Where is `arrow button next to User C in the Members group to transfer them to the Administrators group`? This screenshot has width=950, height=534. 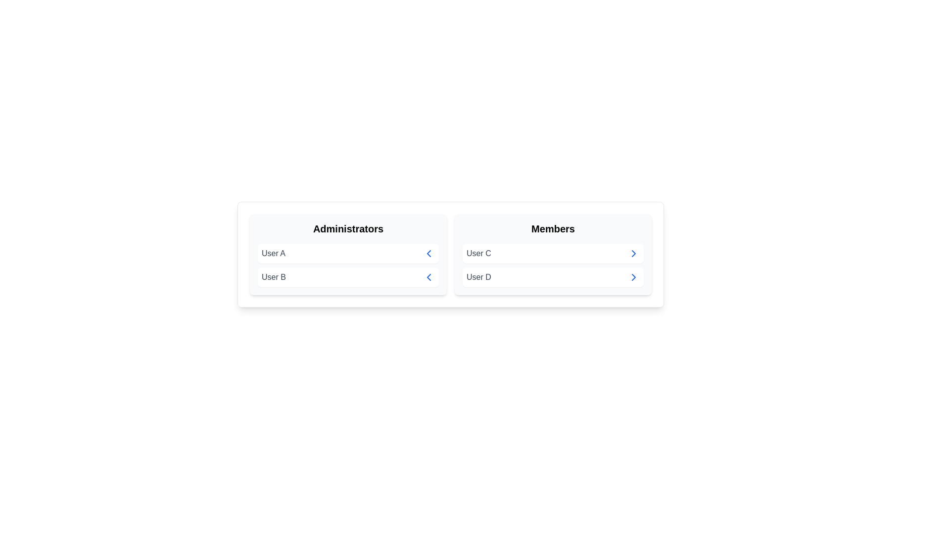 arrow button next to User C in the Members group to transfer them to the Administrators group is located at coordinates (634, 253).